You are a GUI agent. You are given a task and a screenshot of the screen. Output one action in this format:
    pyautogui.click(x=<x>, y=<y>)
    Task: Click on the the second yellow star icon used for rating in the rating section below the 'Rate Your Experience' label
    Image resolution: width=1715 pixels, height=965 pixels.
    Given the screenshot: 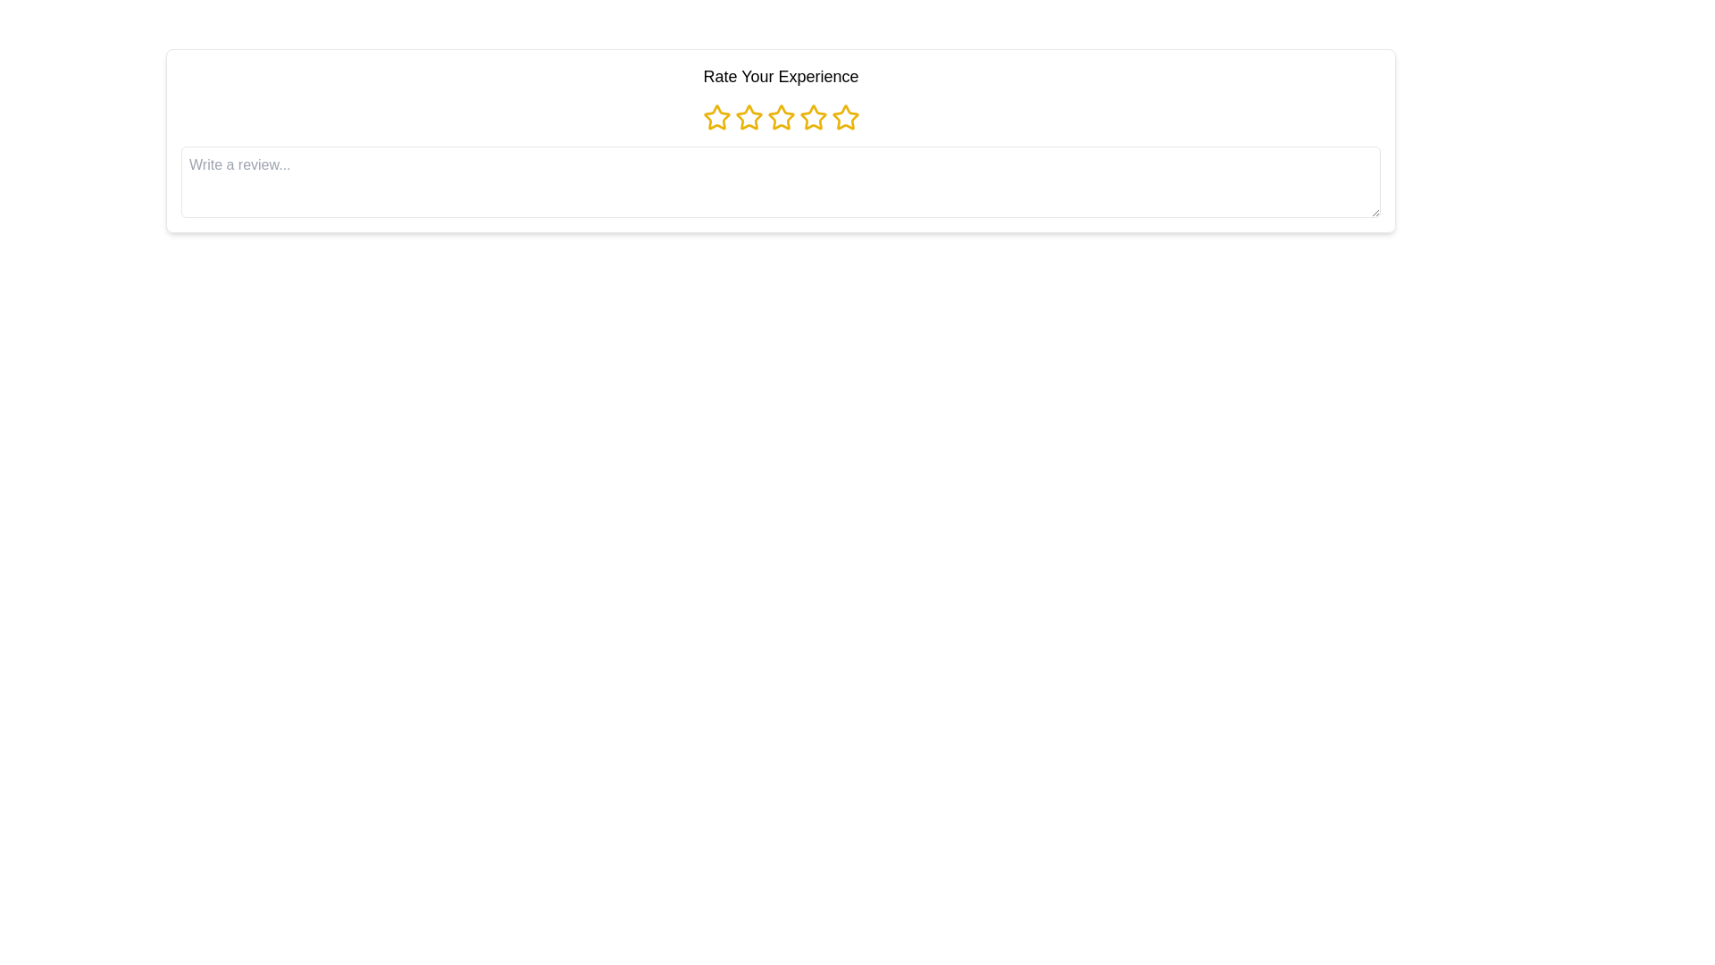 What is the action you would take?
    pyautogui.click(x=749, y=117)
    